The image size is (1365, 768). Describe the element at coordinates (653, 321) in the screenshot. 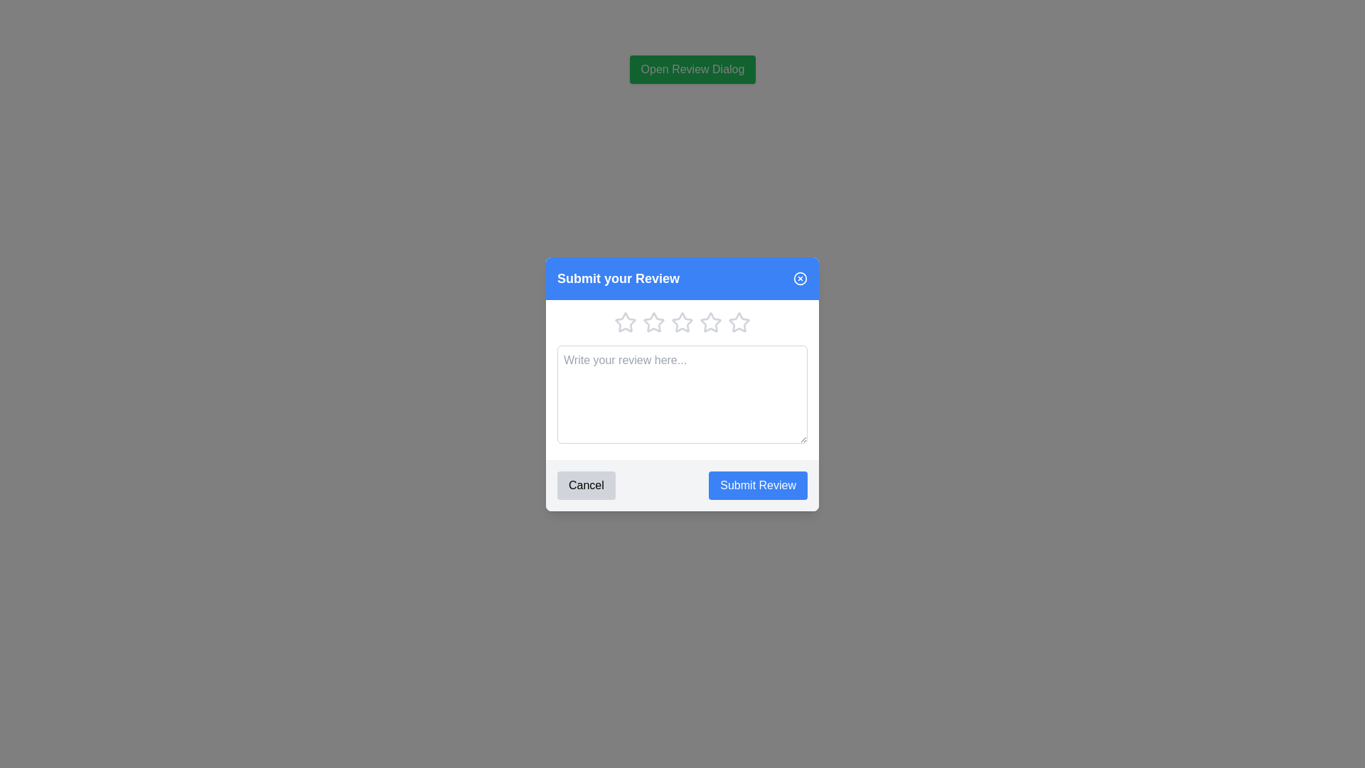

I see `the second star icon in the horizontal sequence of five star icons near the top center of the blue modal box labeled 'Submit your Review' for visual feedback` at that location.